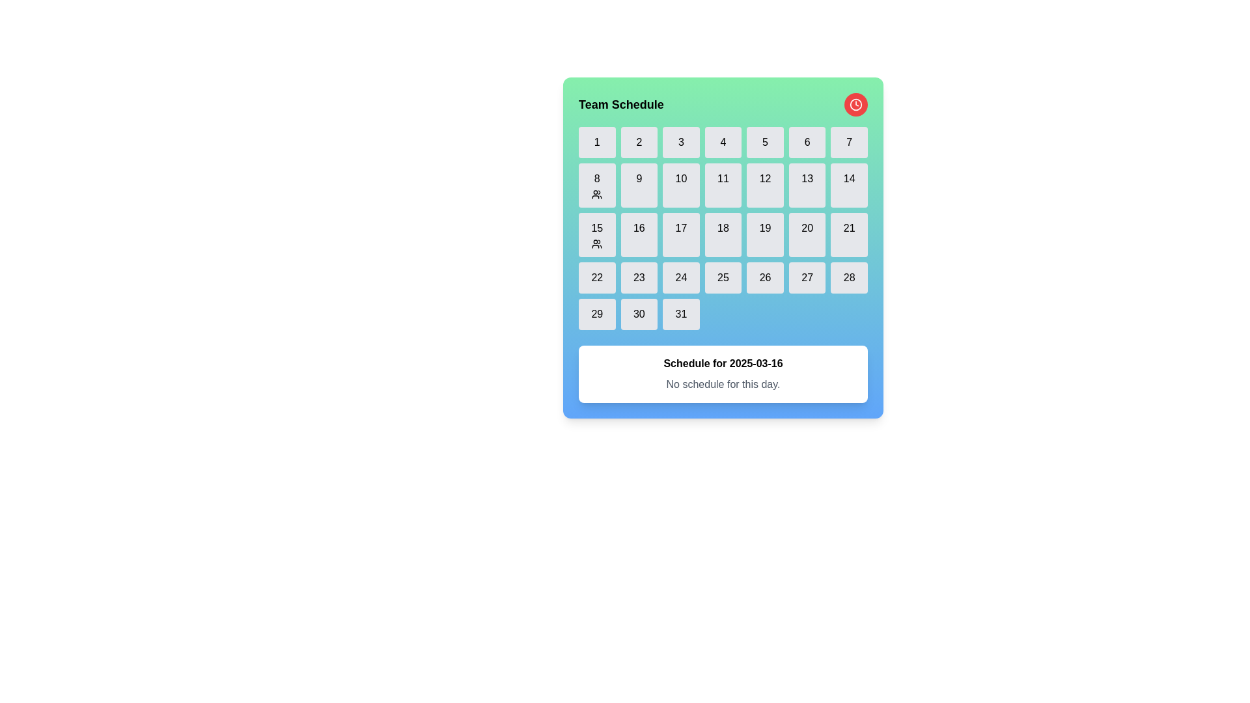 The image size is (1250, 703). What do you see at coordinates (639, 143) in the screenshot?
I see `the small, centered number '2' displayed in bold black font within a rounded square button in the calendar grid of the 'Team Schedule' interface` at bounding box center [639, 143].